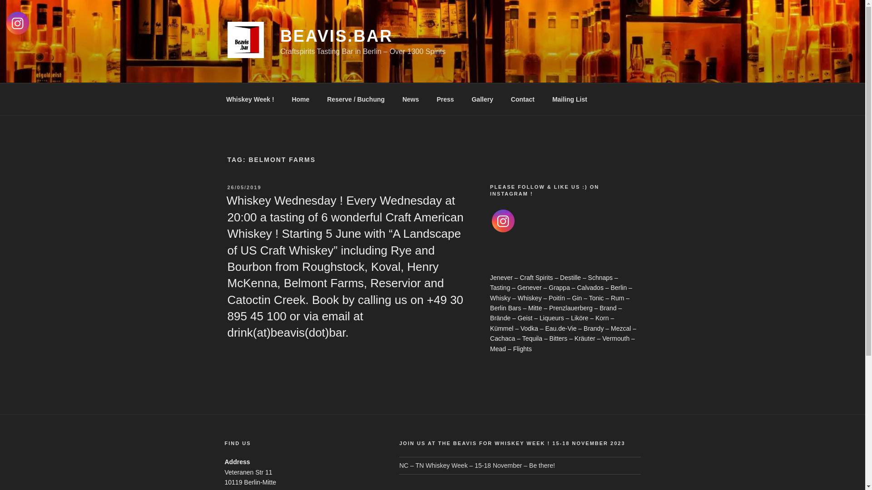  What do you see at coordinates (218, 99) in the screenshot?
I see `'Whiskey Week !'` at bounding box center [218, 99].